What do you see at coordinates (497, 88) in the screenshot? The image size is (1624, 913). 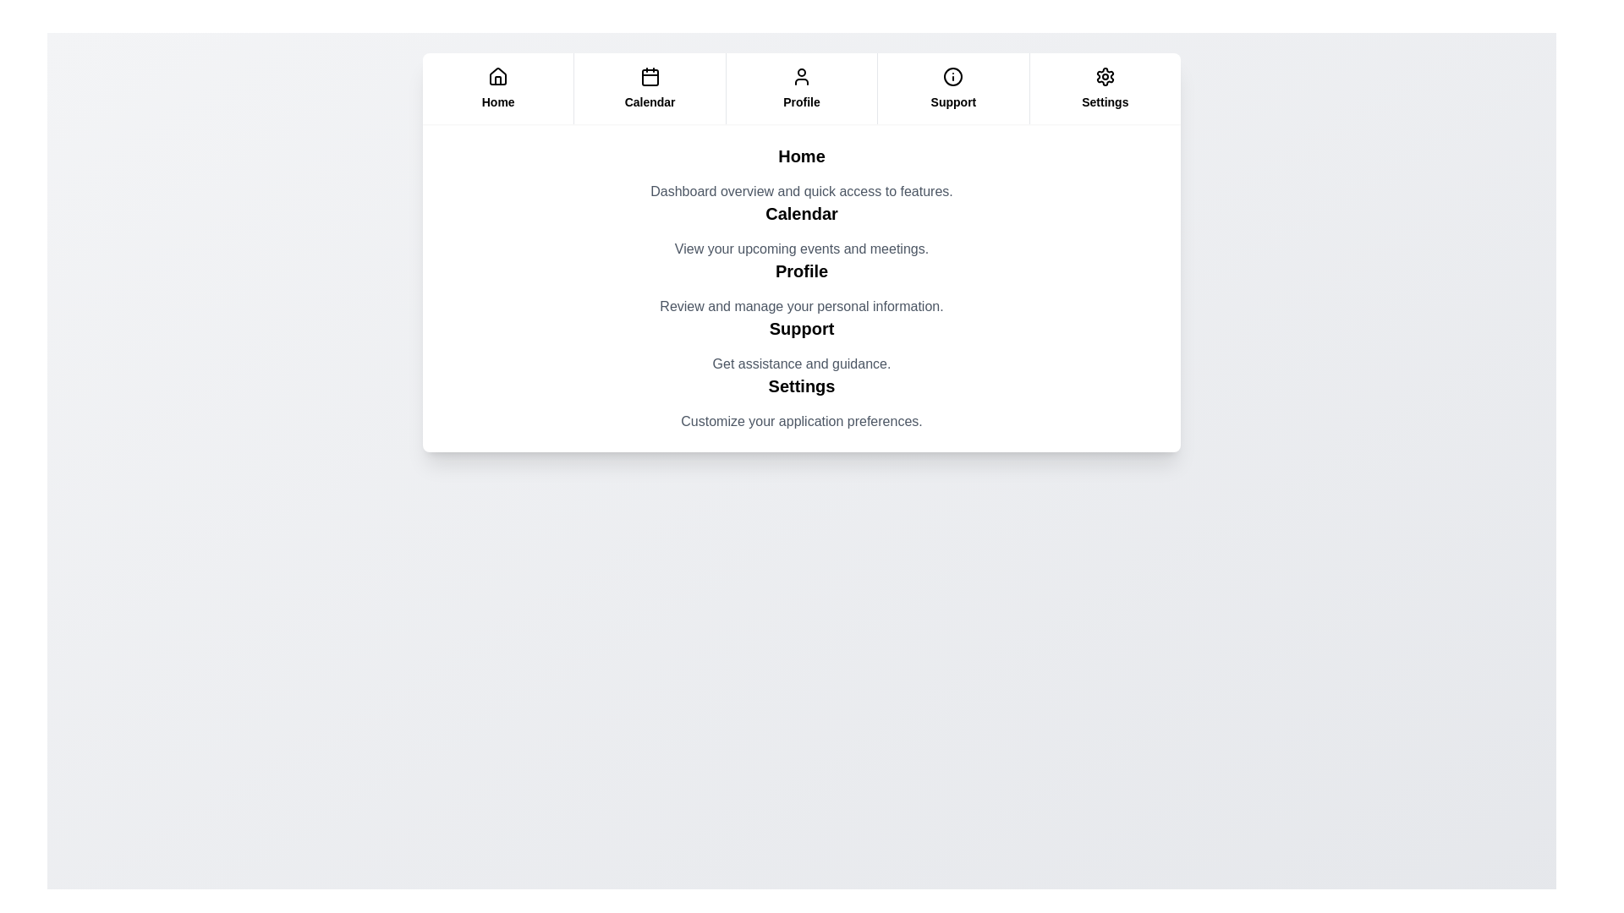 I see `the 'Home' button, which is a rectangular tab with a white background and black text` at bounding box center [497, 88].